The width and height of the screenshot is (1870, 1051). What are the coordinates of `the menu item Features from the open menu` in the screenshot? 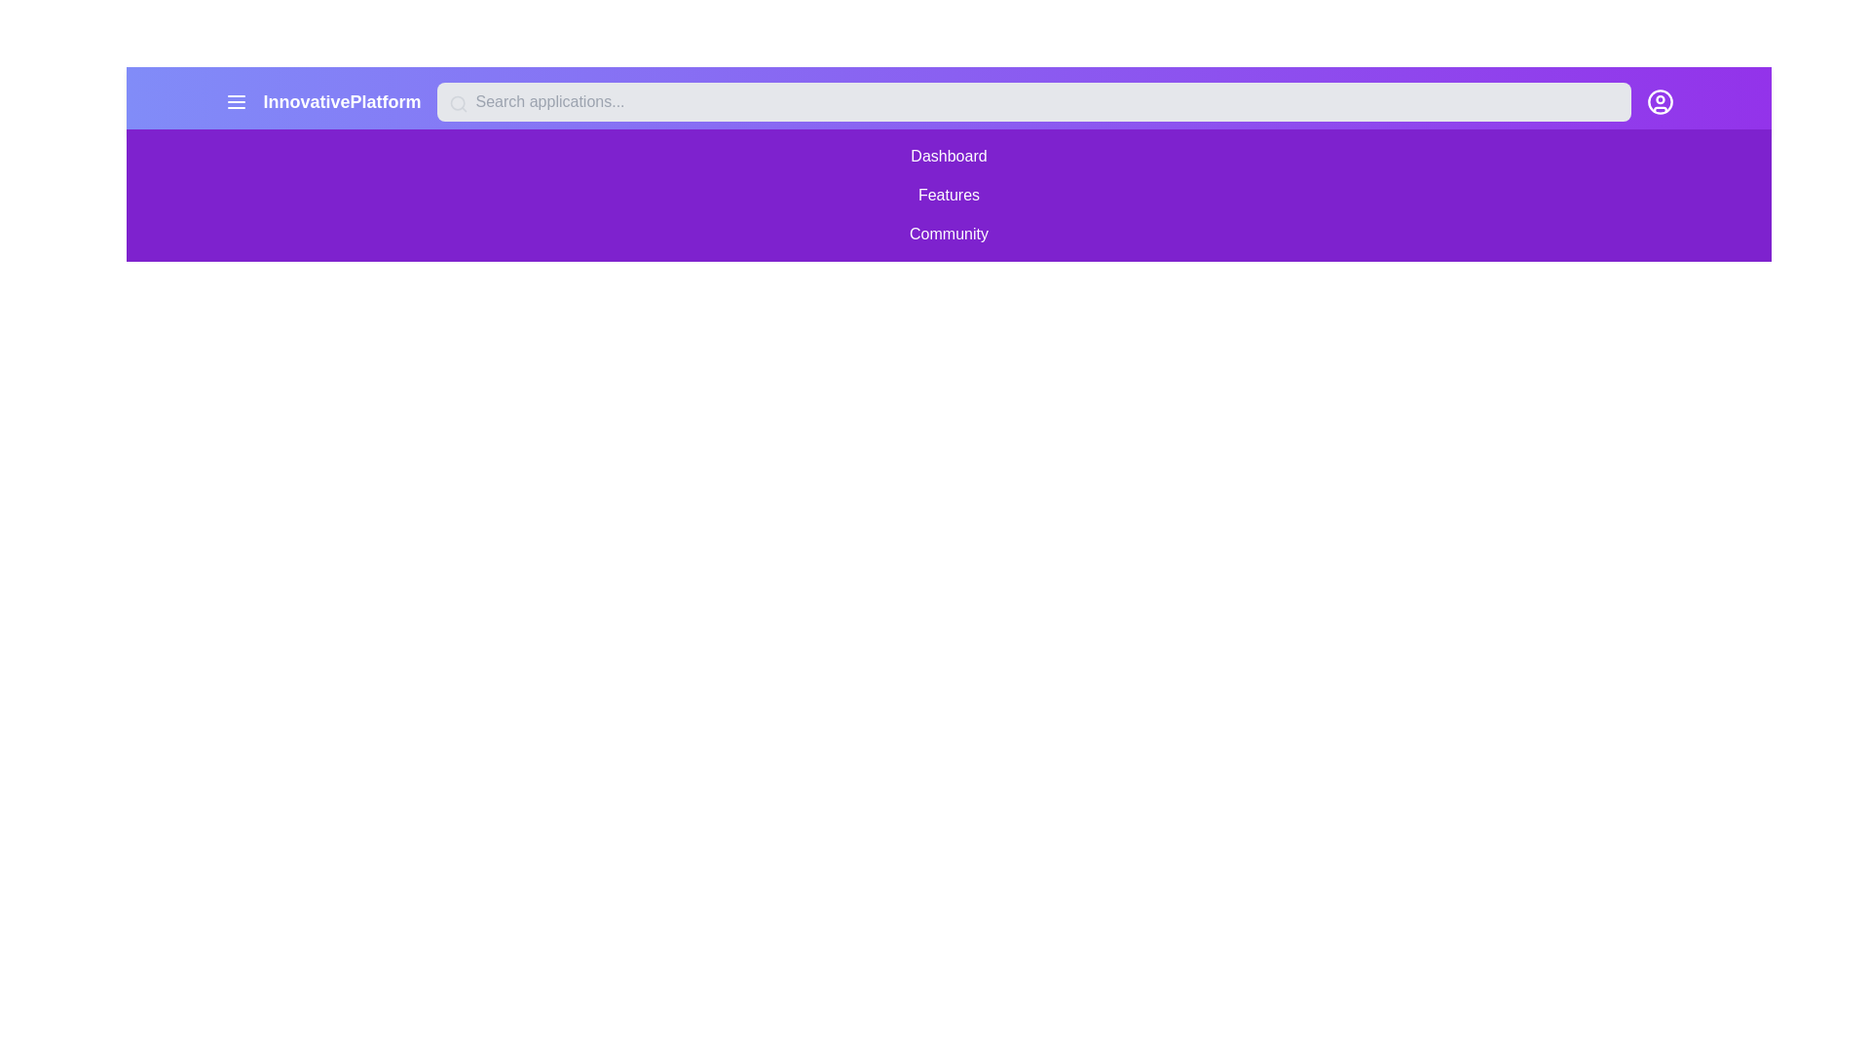 It's located at (949, 195).